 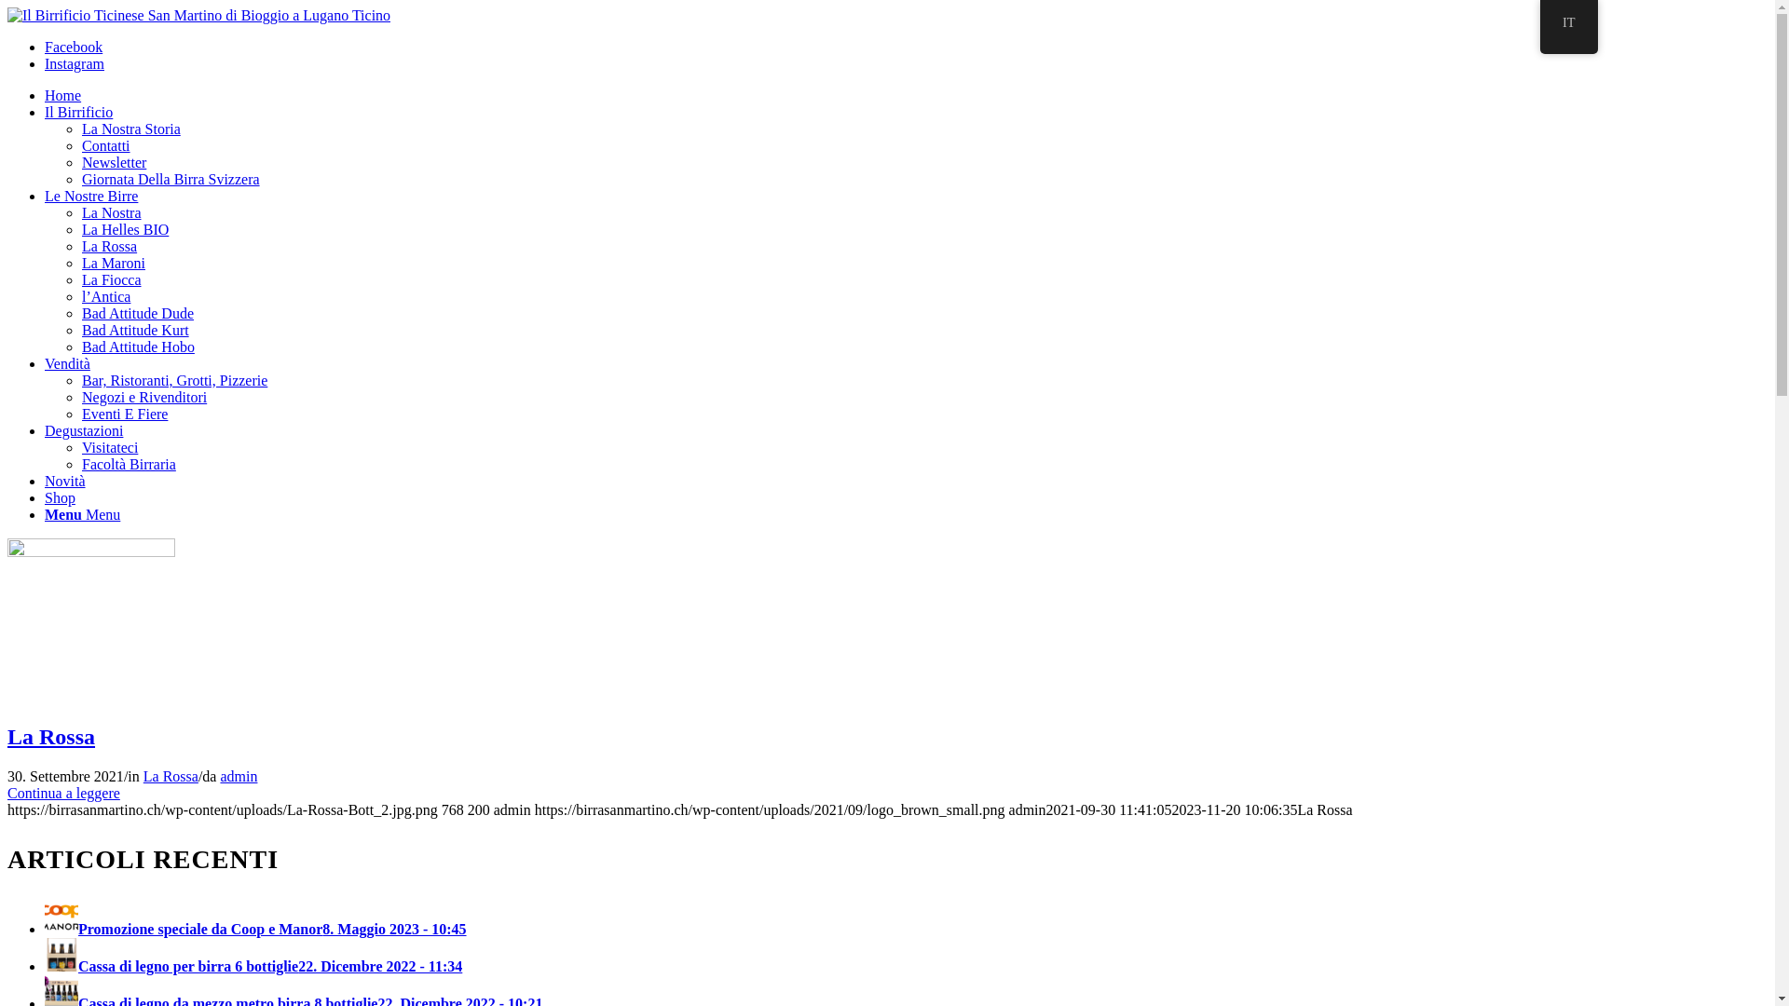 What do you see at coordinates (45, 62) in the screenshot?
I see `'Instagram'` at bounding box center [45, 62].